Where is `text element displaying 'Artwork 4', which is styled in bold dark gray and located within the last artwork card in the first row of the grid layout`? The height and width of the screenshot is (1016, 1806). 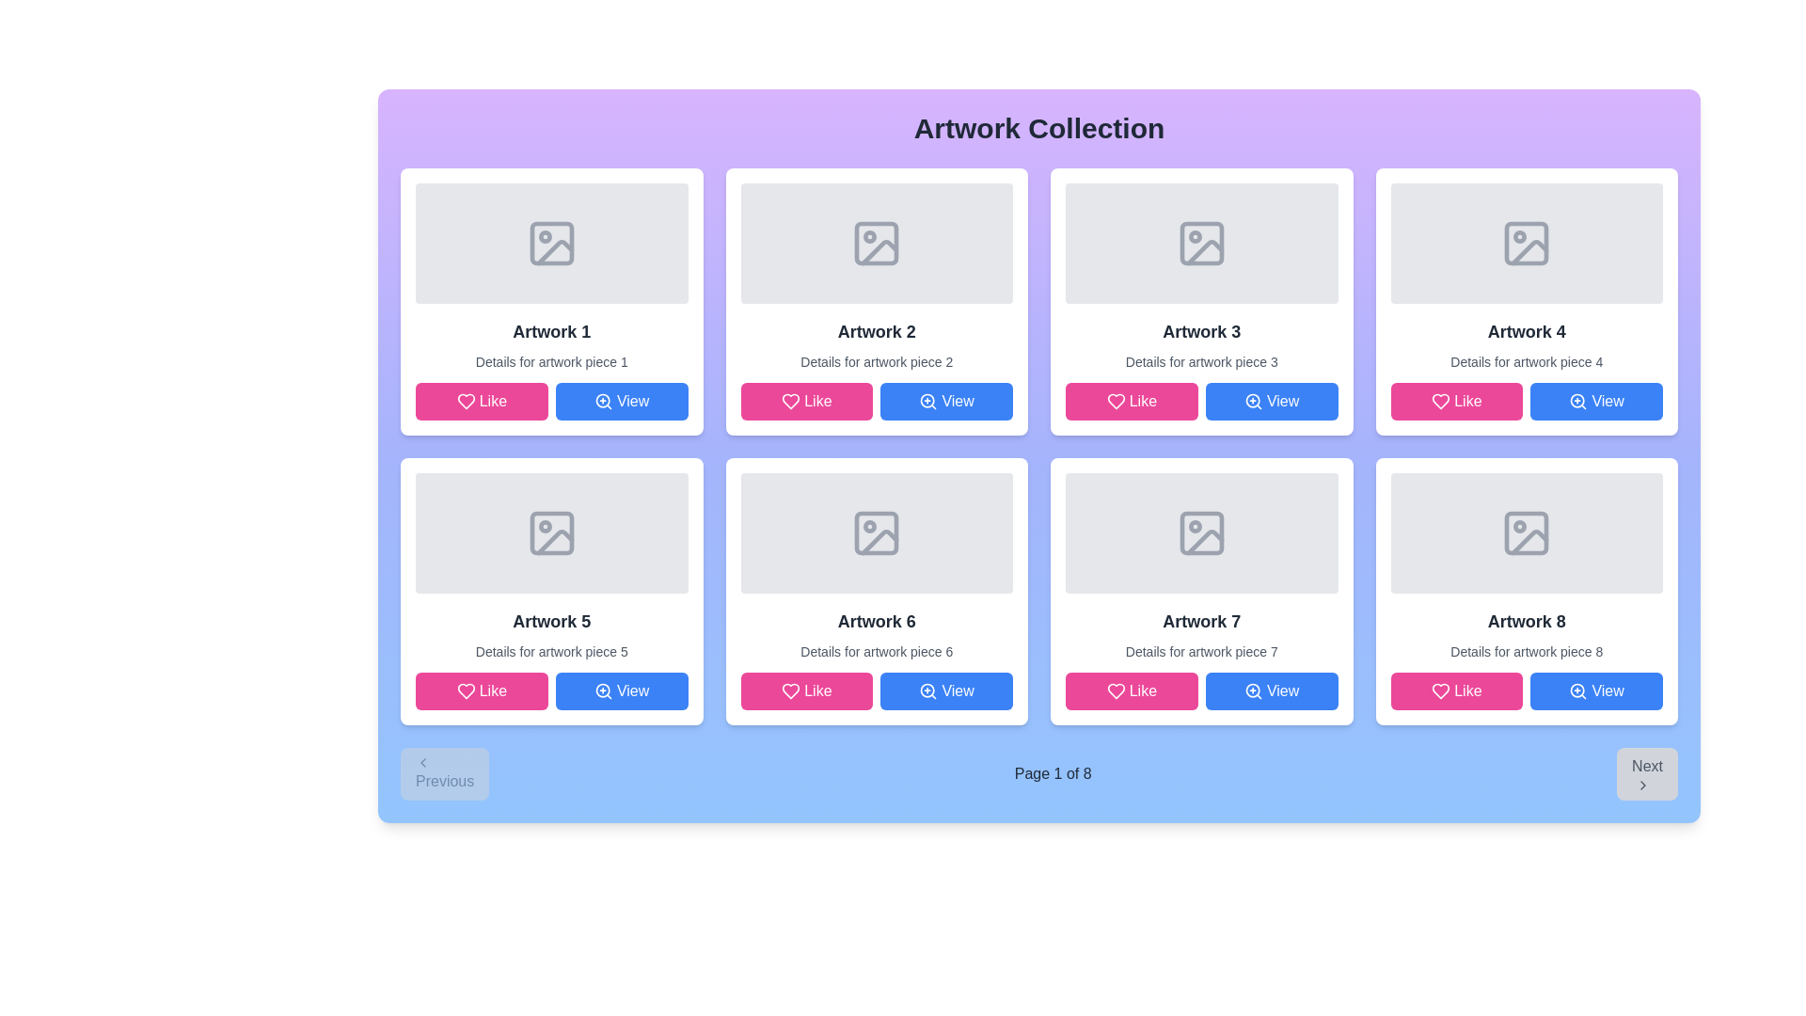 text element displaying 'Artwork 4', which is styled in bold dark gray and located within the last artwork card in the first row of the grid layout is located at coordinates (1527, 331).